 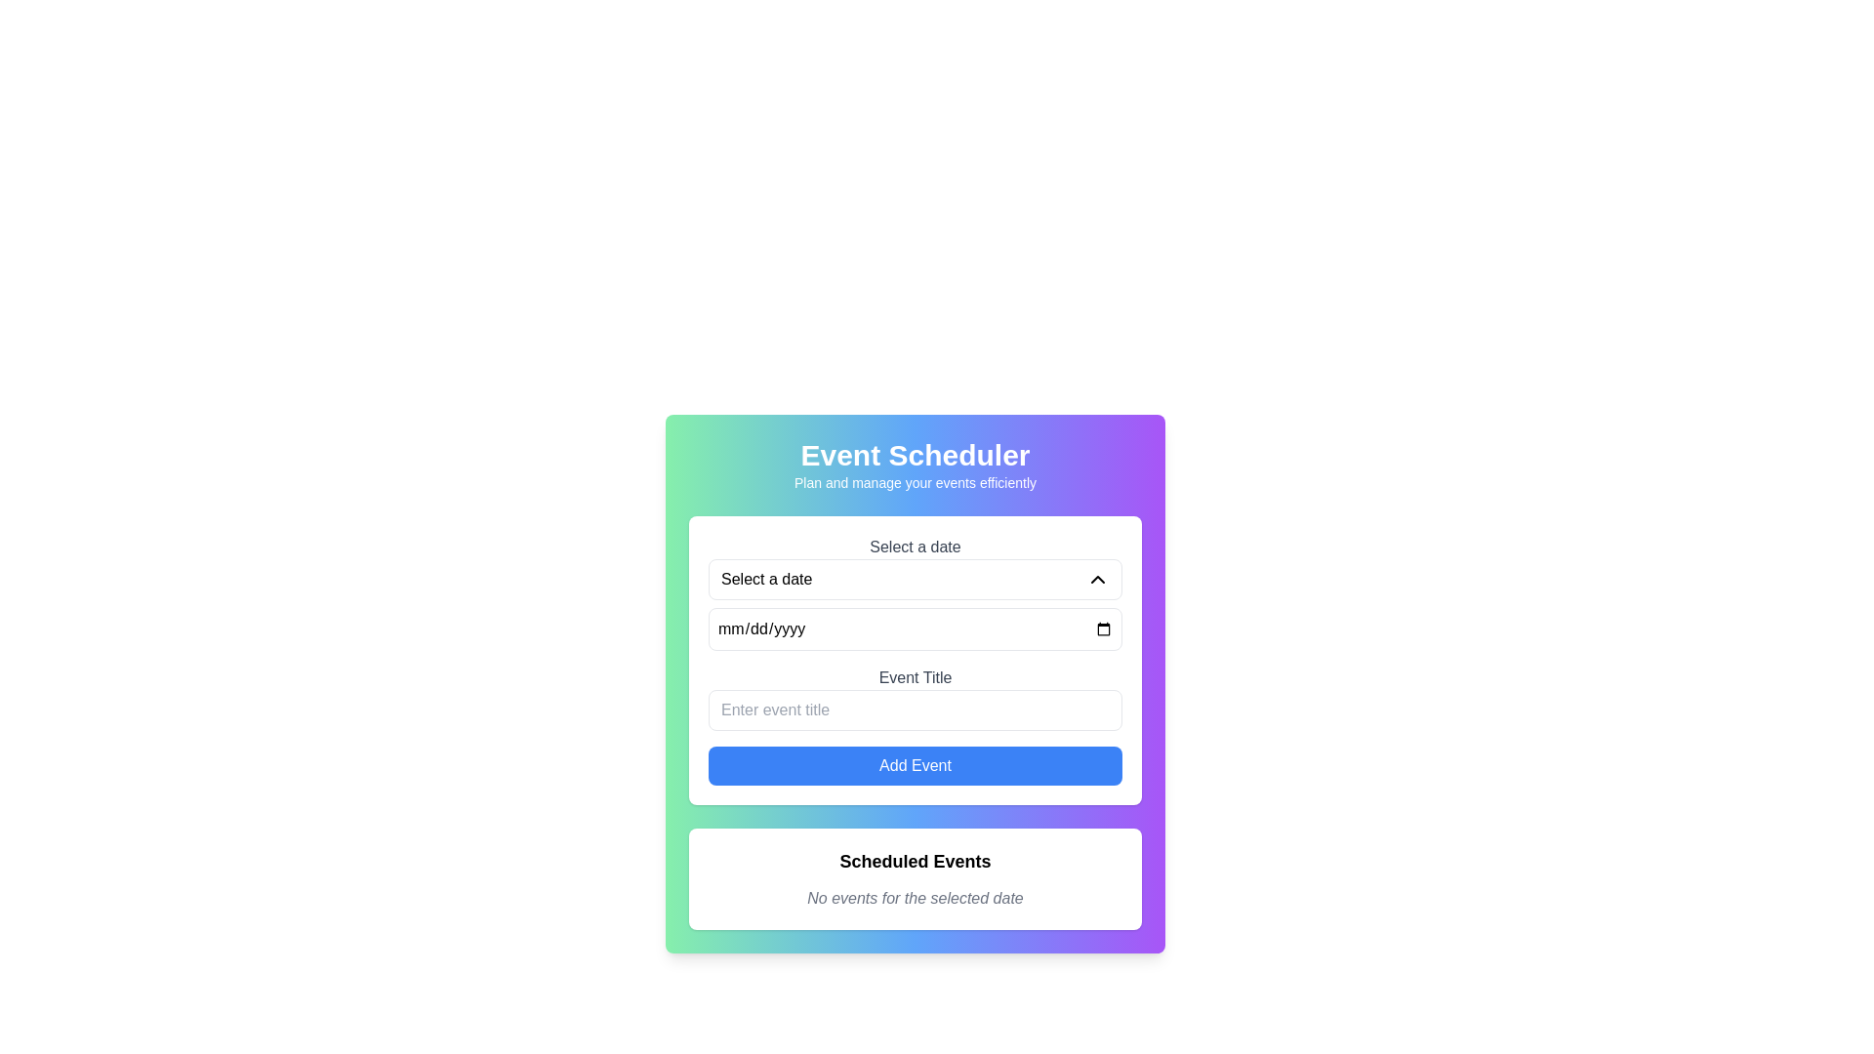 I want to click on the 'Event Scheduler' text label, which displays in a large bold font with a subtitle in a smaller font, located at the top of the card layout, so click(x=914, y=466).